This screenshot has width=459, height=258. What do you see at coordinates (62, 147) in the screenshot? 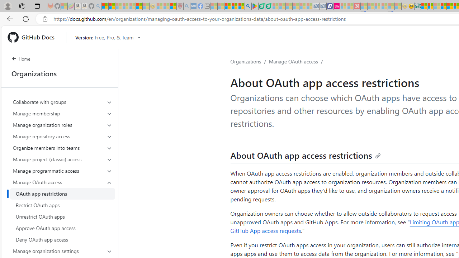
I see `'Organize members into teams'` at bounding box center [62, 147].